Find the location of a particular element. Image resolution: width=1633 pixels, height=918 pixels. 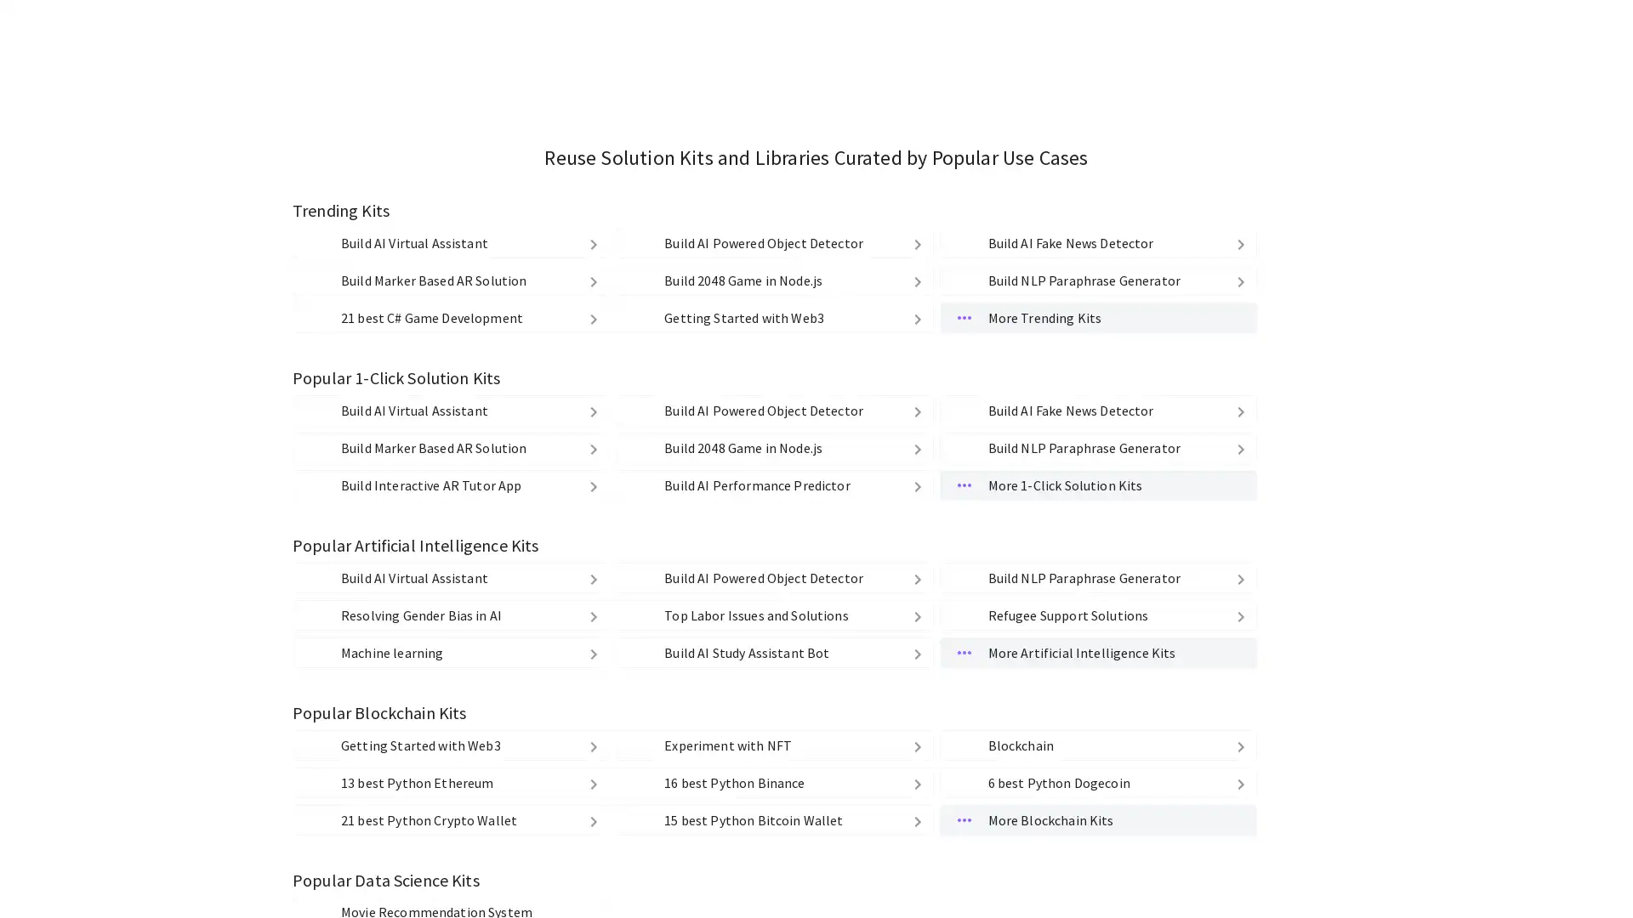

No License is located at coordinates (722, 501).